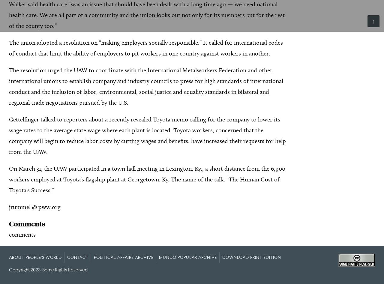  What do you see at coordinates (9, 235) in the screenshot?
I see `'comments'` at bounding box center [9, 235].